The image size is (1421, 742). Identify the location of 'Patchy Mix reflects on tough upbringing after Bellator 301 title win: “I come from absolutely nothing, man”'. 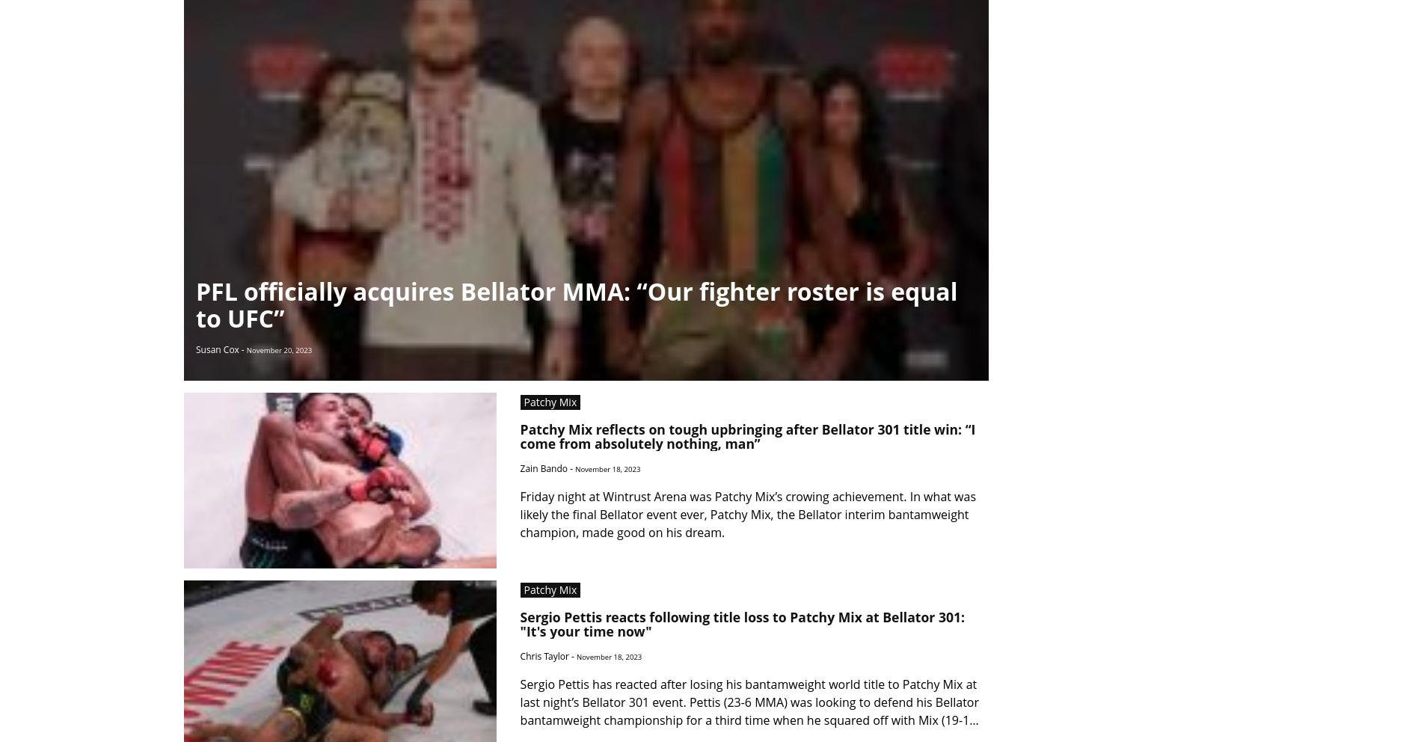
(747, 435).